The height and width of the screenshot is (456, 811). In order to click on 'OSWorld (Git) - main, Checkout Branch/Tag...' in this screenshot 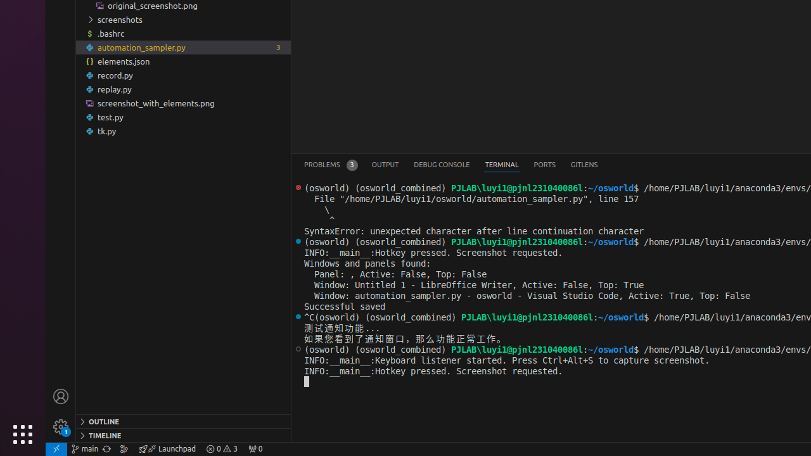, I will do `click(84, 448)`.